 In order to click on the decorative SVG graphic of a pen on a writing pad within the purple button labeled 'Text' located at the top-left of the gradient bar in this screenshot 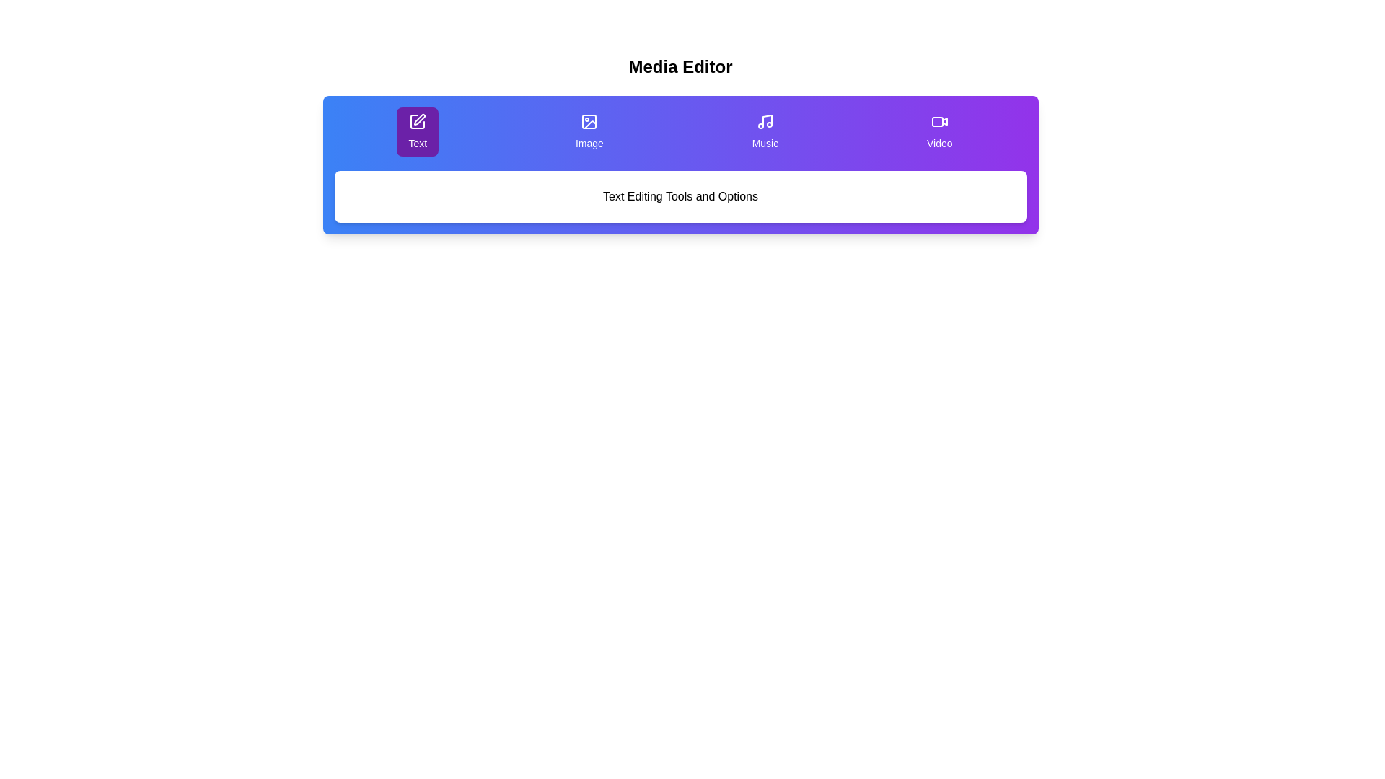, I will do `click(417, 121)`.